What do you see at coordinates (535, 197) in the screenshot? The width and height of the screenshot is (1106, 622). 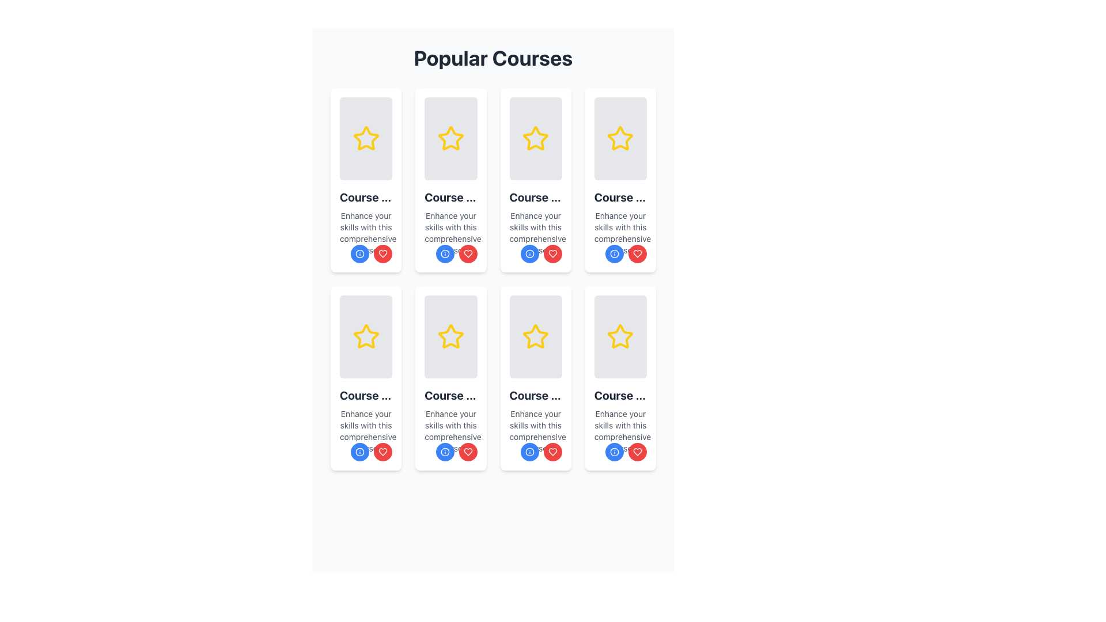 I see `the bold text label reading 'Course Title 3' located within the third card in the first row of the grid layout` at bounding box center [535, 197].